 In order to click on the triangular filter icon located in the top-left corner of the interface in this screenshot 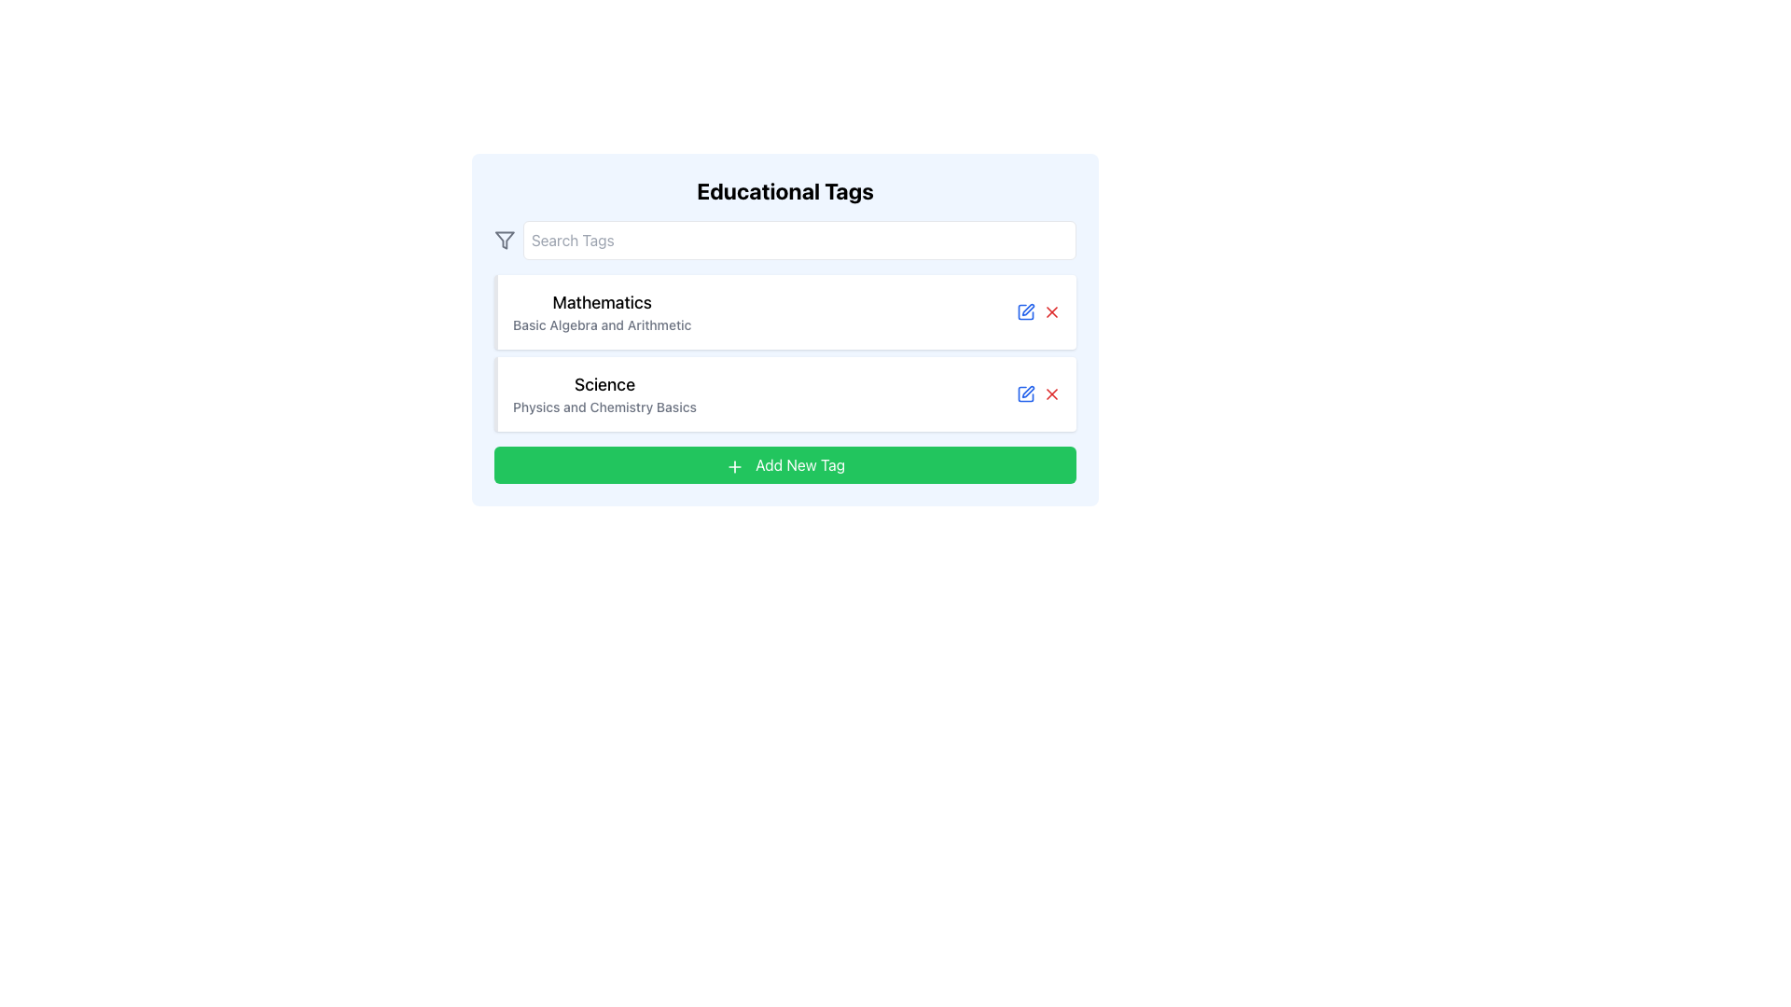, I will do `click(505, 240)`.